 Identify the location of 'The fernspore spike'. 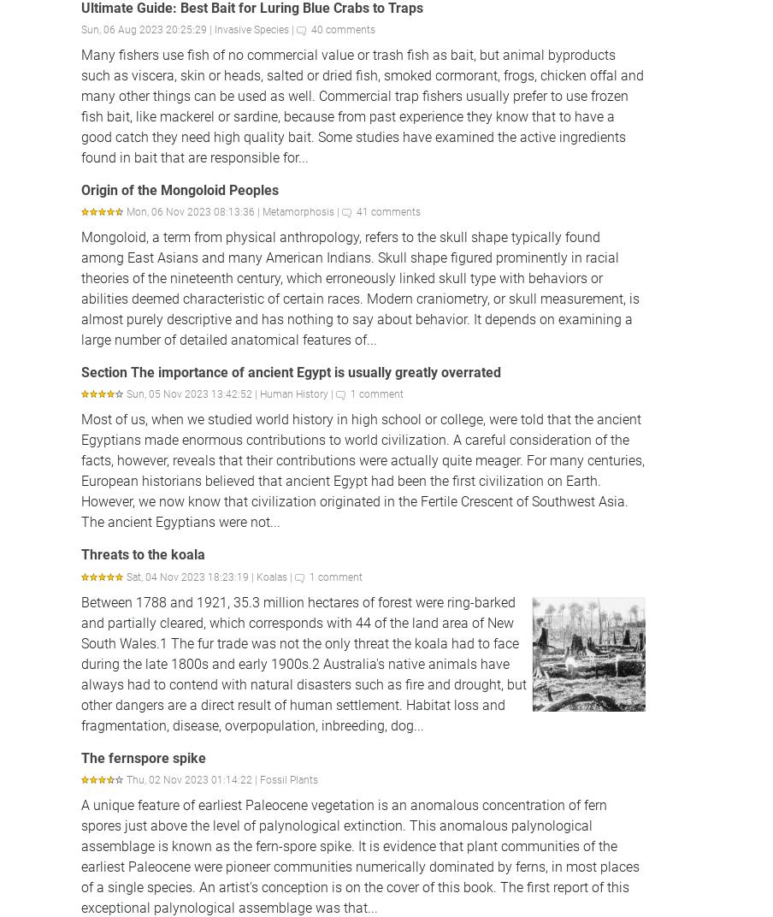
(142, 757).